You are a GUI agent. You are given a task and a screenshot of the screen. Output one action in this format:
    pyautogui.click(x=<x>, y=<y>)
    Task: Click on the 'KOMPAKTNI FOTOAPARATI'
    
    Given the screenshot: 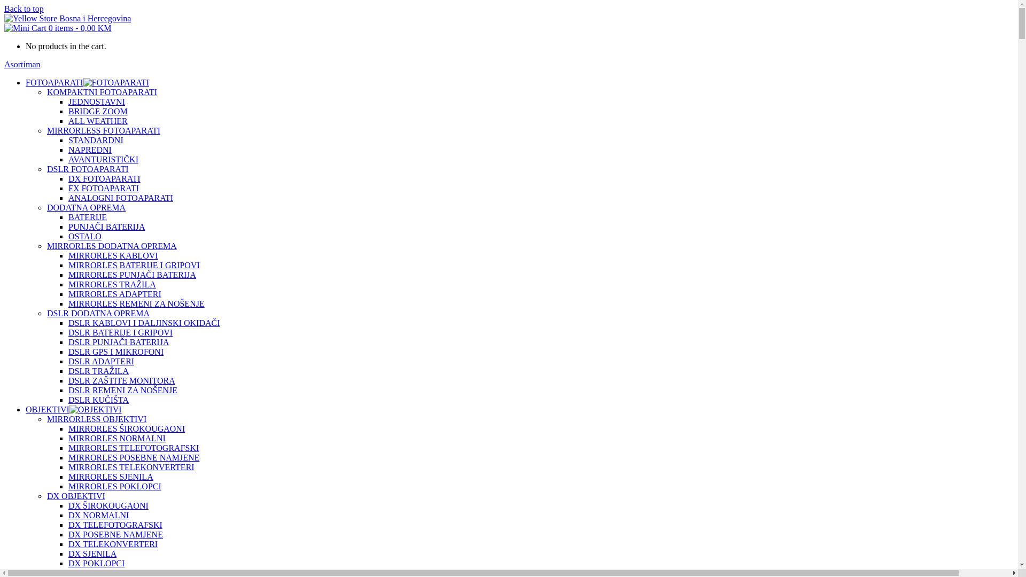 What is the action you would take?
    pyautogui.click(x=102, y=91)
    